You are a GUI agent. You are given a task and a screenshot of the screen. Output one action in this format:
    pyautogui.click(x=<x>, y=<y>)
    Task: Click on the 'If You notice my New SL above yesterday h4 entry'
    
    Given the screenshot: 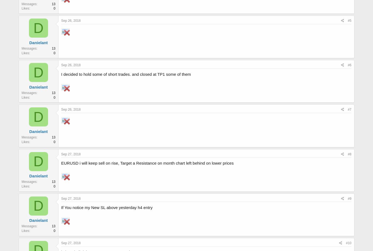 What is the action you would take?
    pyautogui.click(x=61, y=207)
    